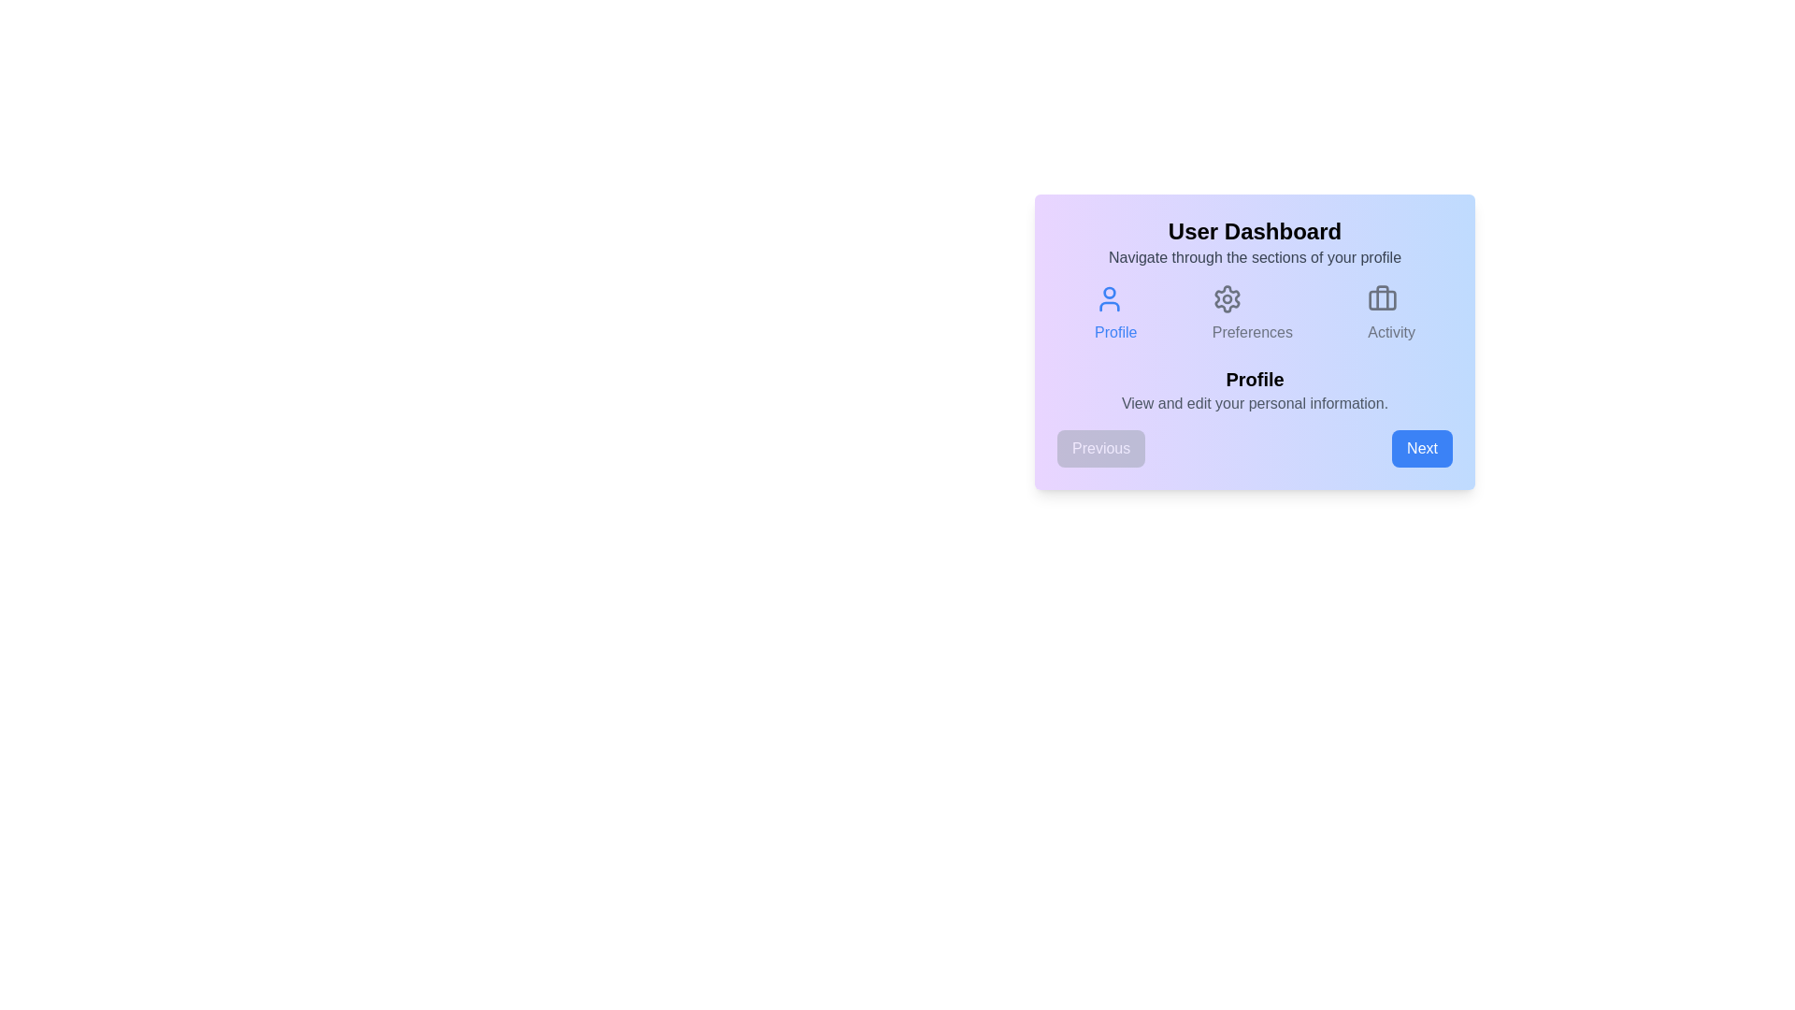 This screenshot has width=1795, height=1010. I want to click on 'Next' button to navigate to the next step, so click(1421, 448).